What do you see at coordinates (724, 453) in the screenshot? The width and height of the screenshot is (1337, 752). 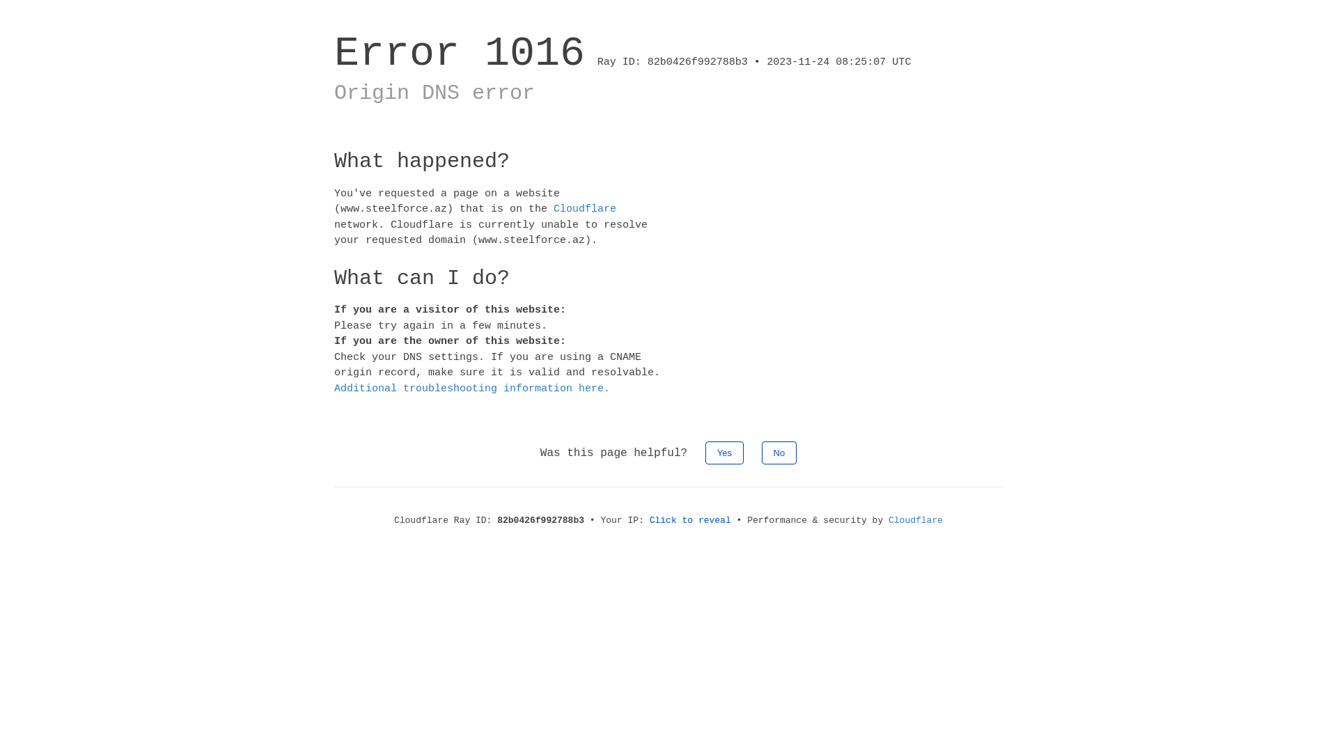 I see `'Yes'` at bounding box center [724, 453].